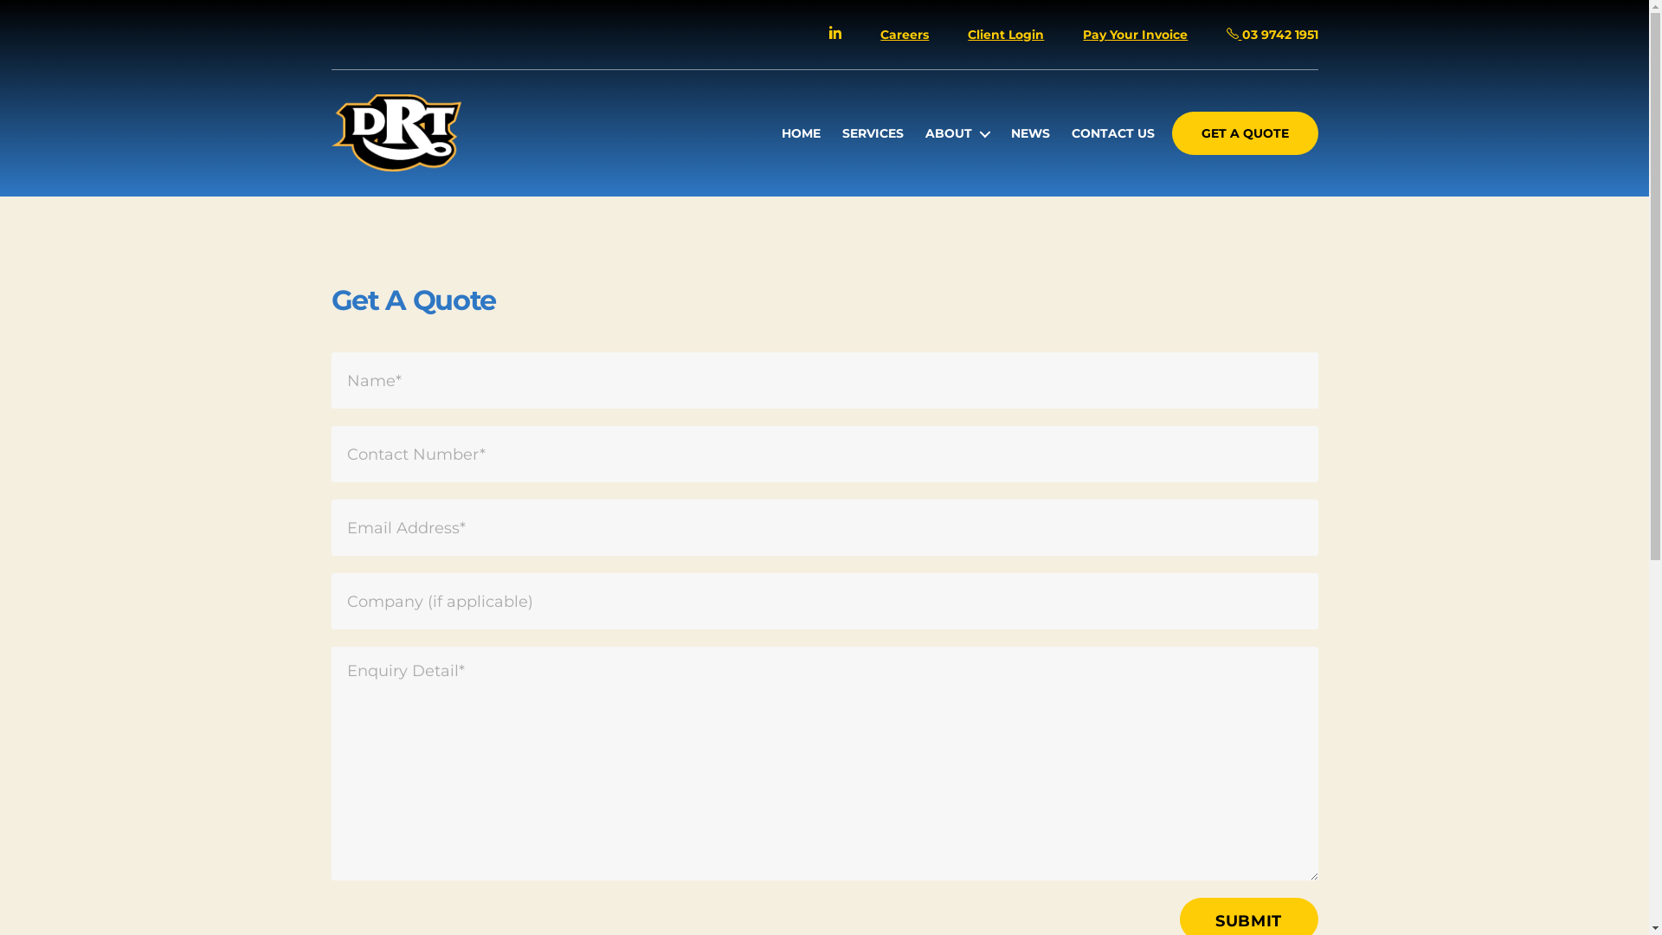 This screenshot has height=935, width=1662. I want to click on 'Client Login', so click(1005, 34).